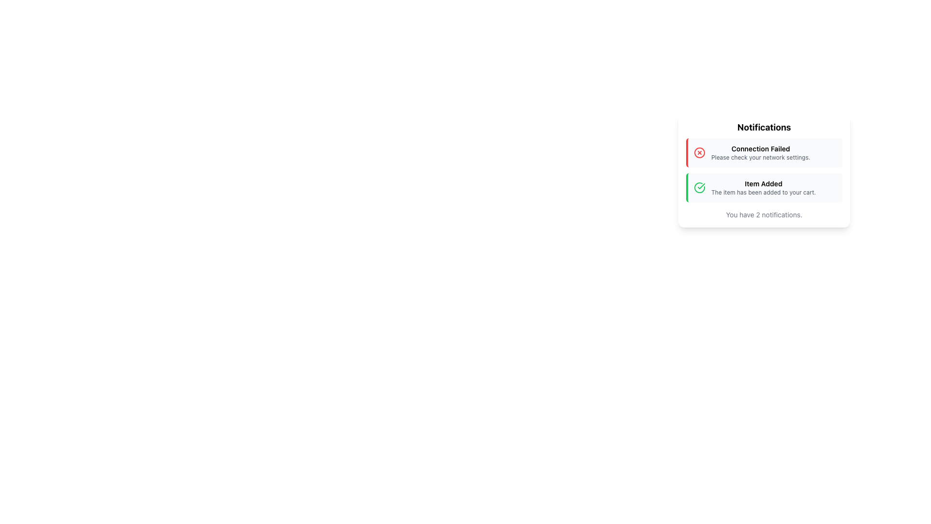 The image size is (931, 524). Describe the element at coordinates (765, 187) in the screenshot. I see `notification message titled 'Item Added' which indicates that 'The item has been added to your cart.' This notification is the second one displayed in the notification panel, below a red 'Connection Failed' warning` at that location.